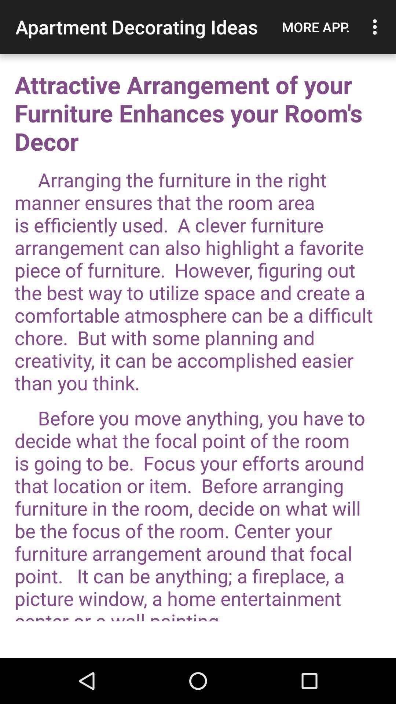  I want to click on the app above attractive arrangement of, so click(315, 27).